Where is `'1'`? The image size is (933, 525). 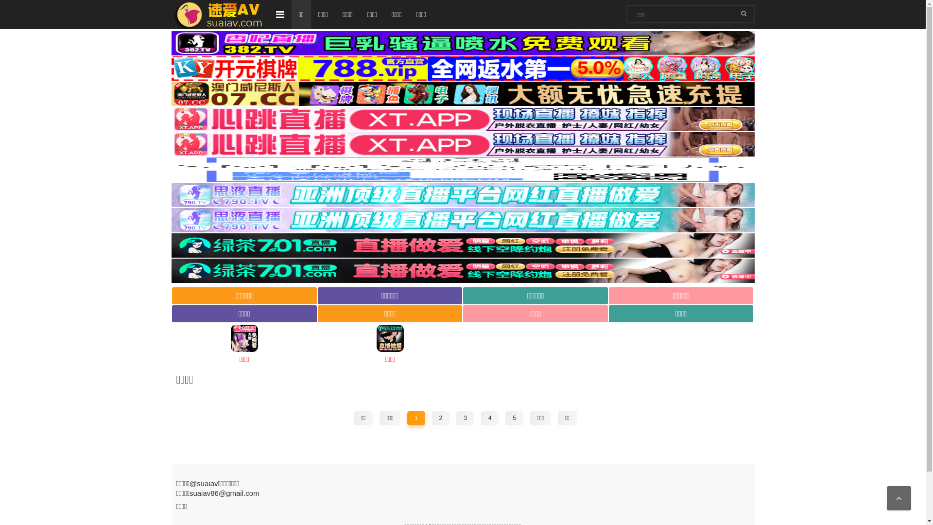 '1' is located at coordinates (416, 418).